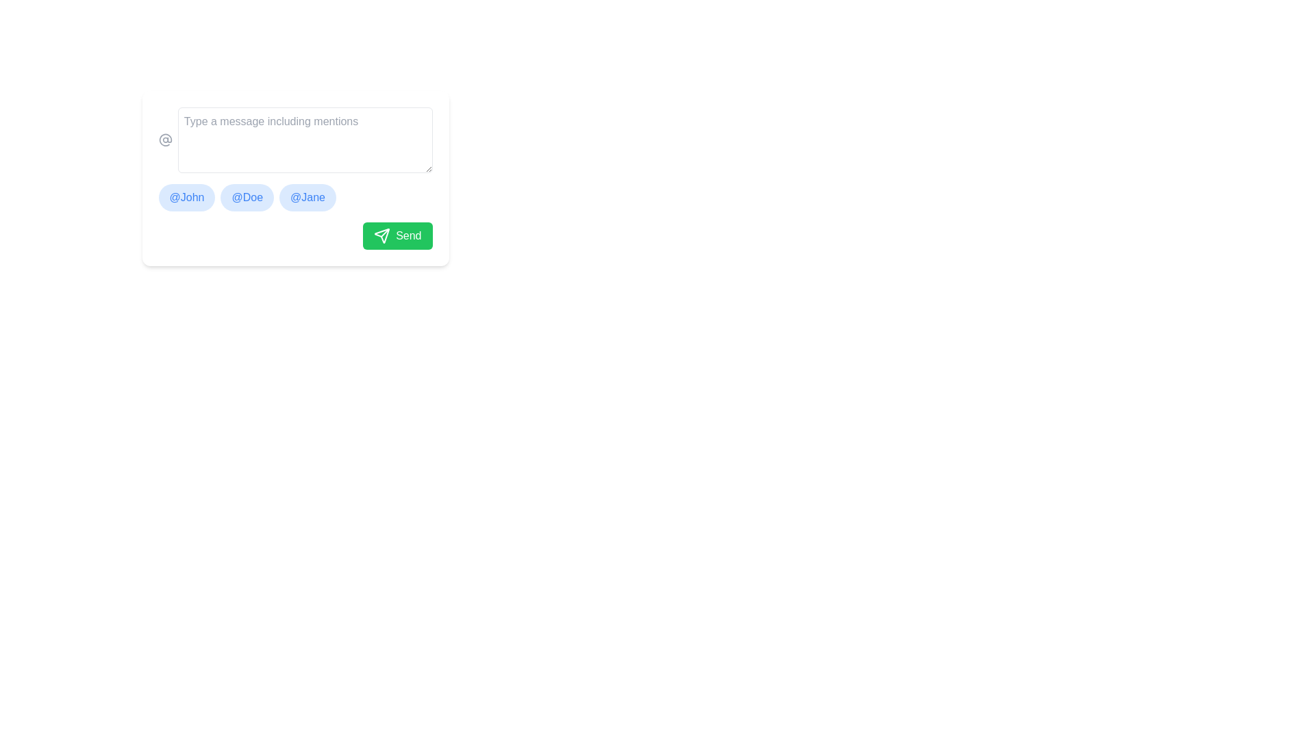 The width and height of the screenshot is (1315, 739). What do you see at coordinates (382, 235) in the screenshot?
I see `the send icon located in the bottom-right corner of the interface` at bounding box center [382, 235].